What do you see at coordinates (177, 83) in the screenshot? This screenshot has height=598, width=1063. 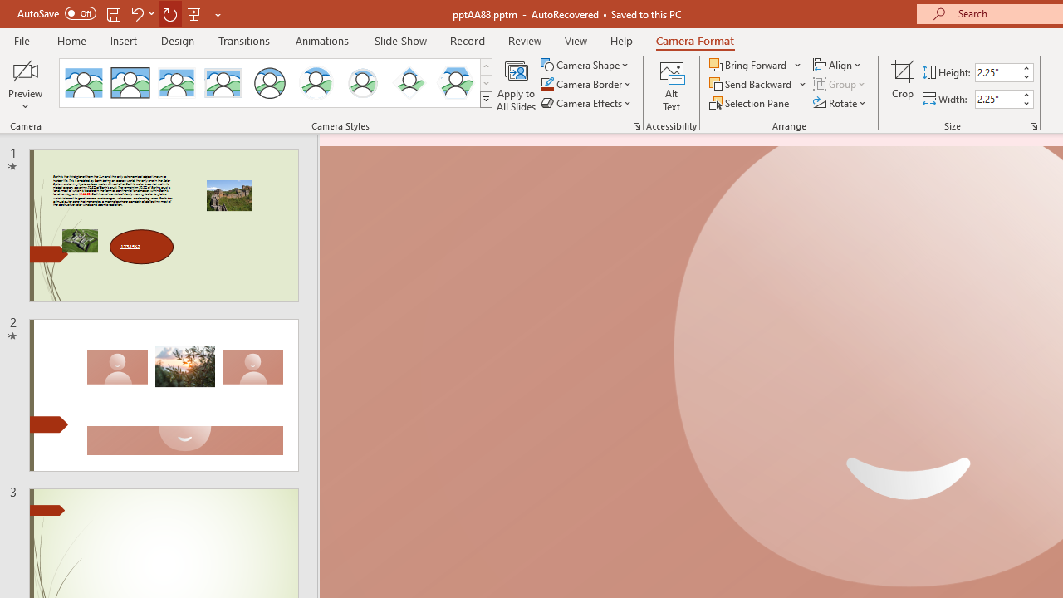 I see `'Center Shadow Rectangle'` at bounding box center [177, 83].